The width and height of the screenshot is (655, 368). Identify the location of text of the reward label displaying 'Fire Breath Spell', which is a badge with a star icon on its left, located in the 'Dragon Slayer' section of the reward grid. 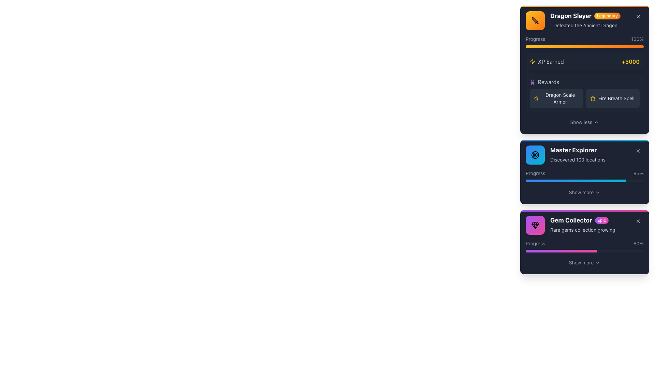
(613, 98).